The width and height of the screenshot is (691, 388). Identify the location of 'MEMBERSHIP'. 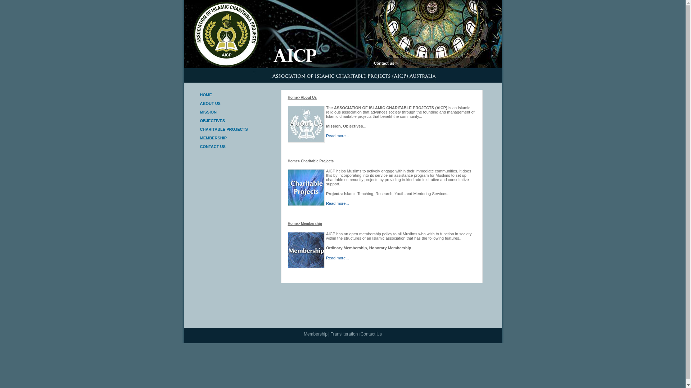
(200, 138).